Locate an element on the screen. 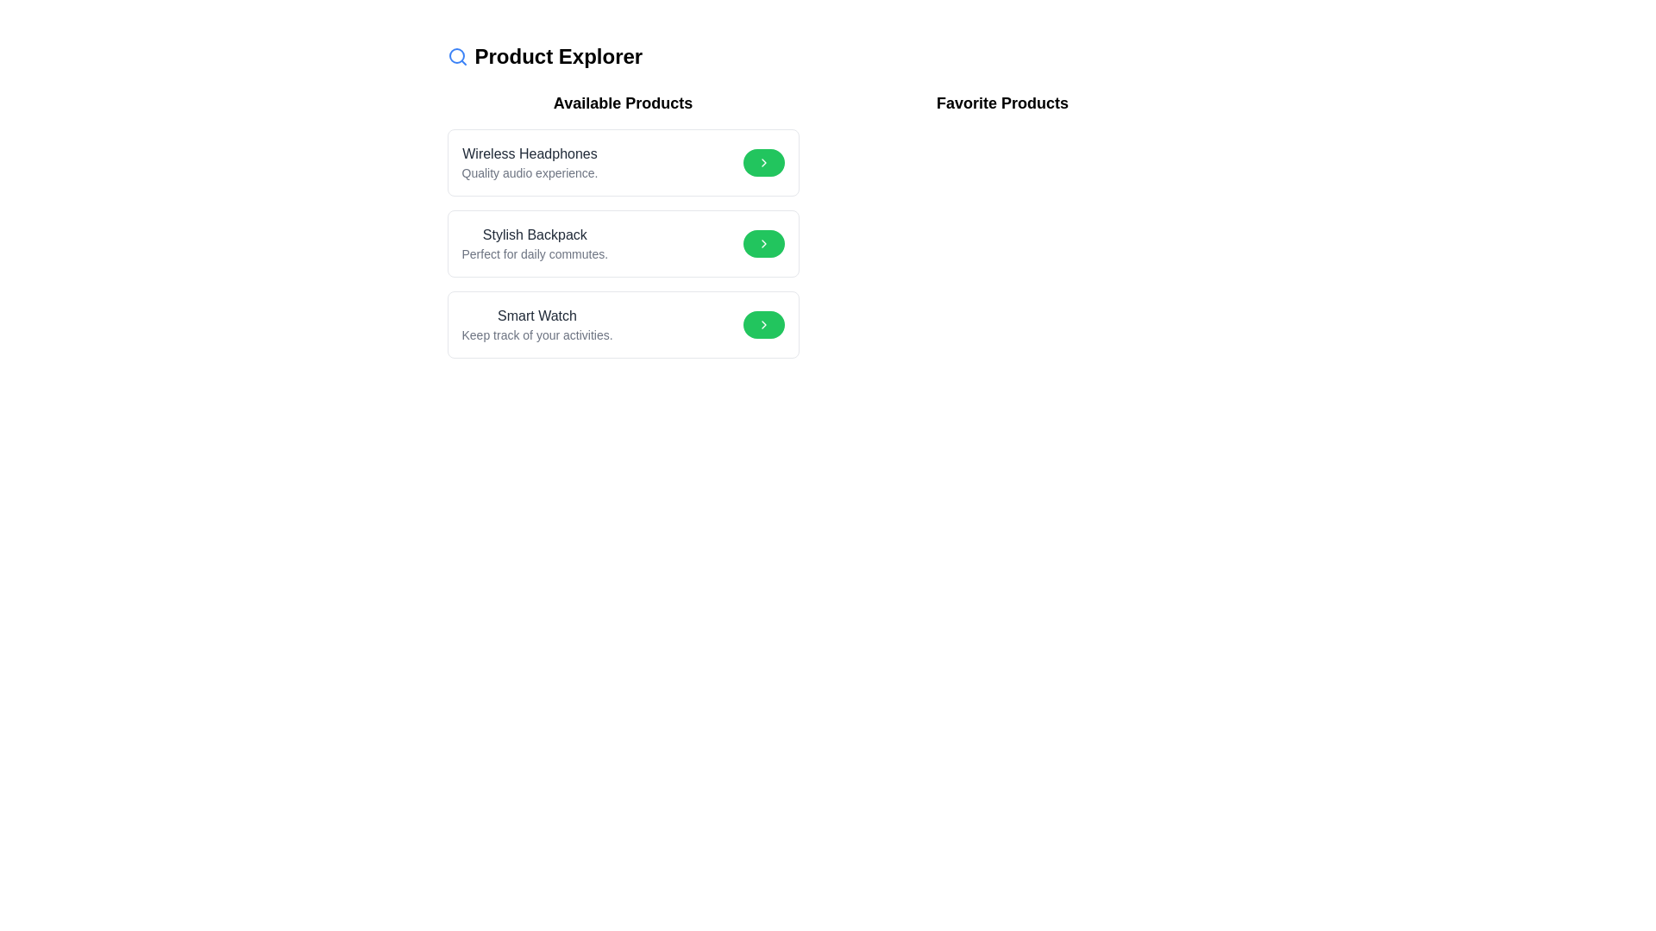  the descriptive text about 'Wireless Headphones' located below its title in the first card of the 'Available Products' section is located at coordinates (529, 172).